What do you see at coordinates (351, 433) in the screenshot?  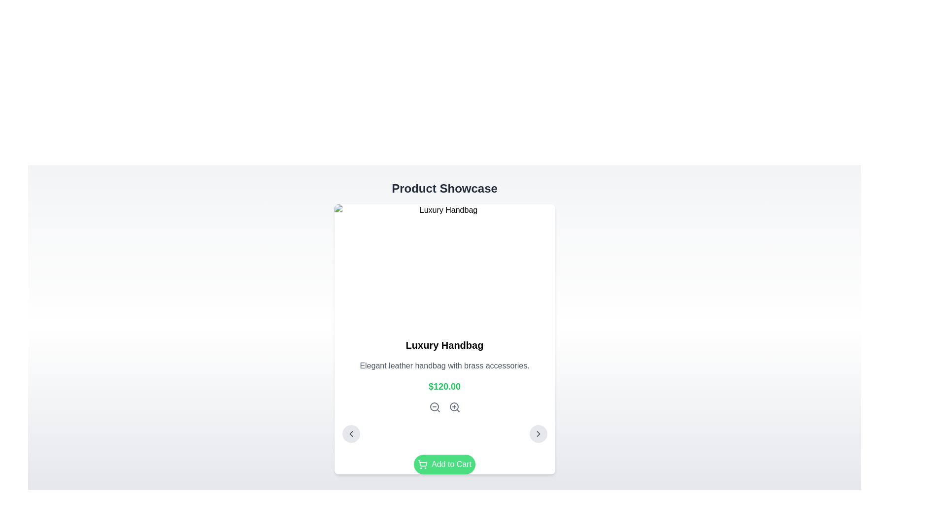 I see `the leftmost circular button with a light gray background and a leftward chevron icon` at bounding box center [351, 433].